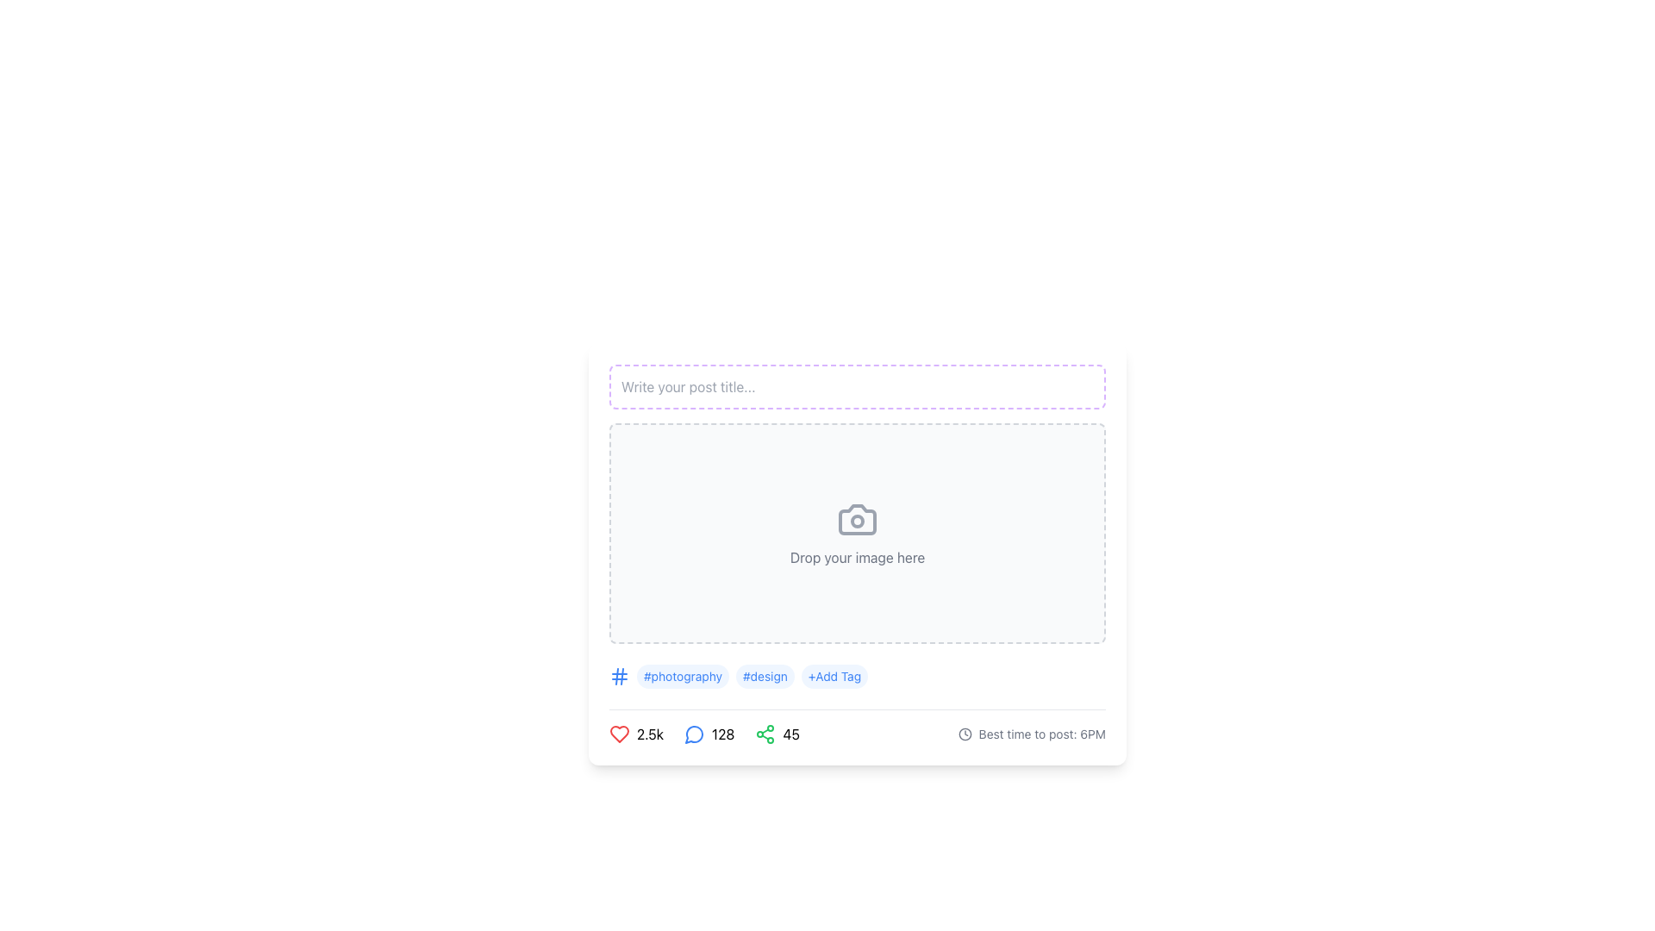  I want to click on the descriptive text element displaying 'Best time to post: 6PM' with a clock icon, located towards the bottom right of the post editor, so click(1032, 734).